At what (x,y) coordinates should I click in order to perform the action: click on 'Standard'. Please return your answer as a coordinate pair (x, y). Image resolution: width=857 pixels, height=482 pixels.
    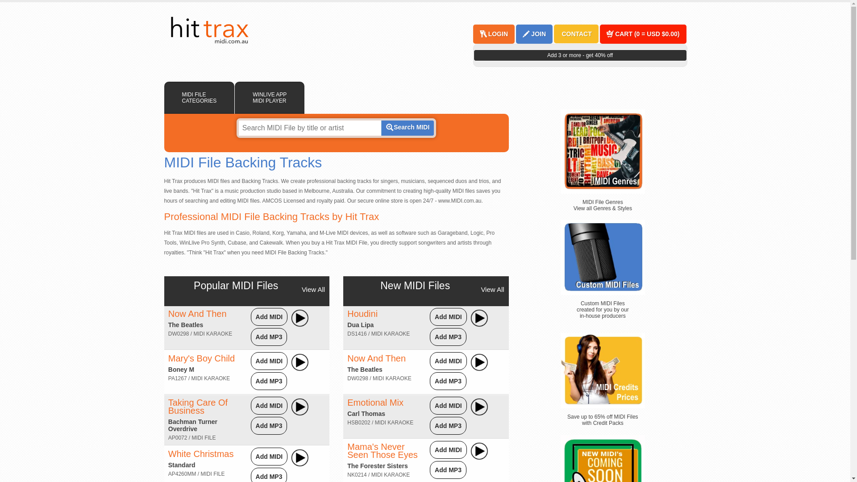
    Looking at the image, I should click on (181, 464).